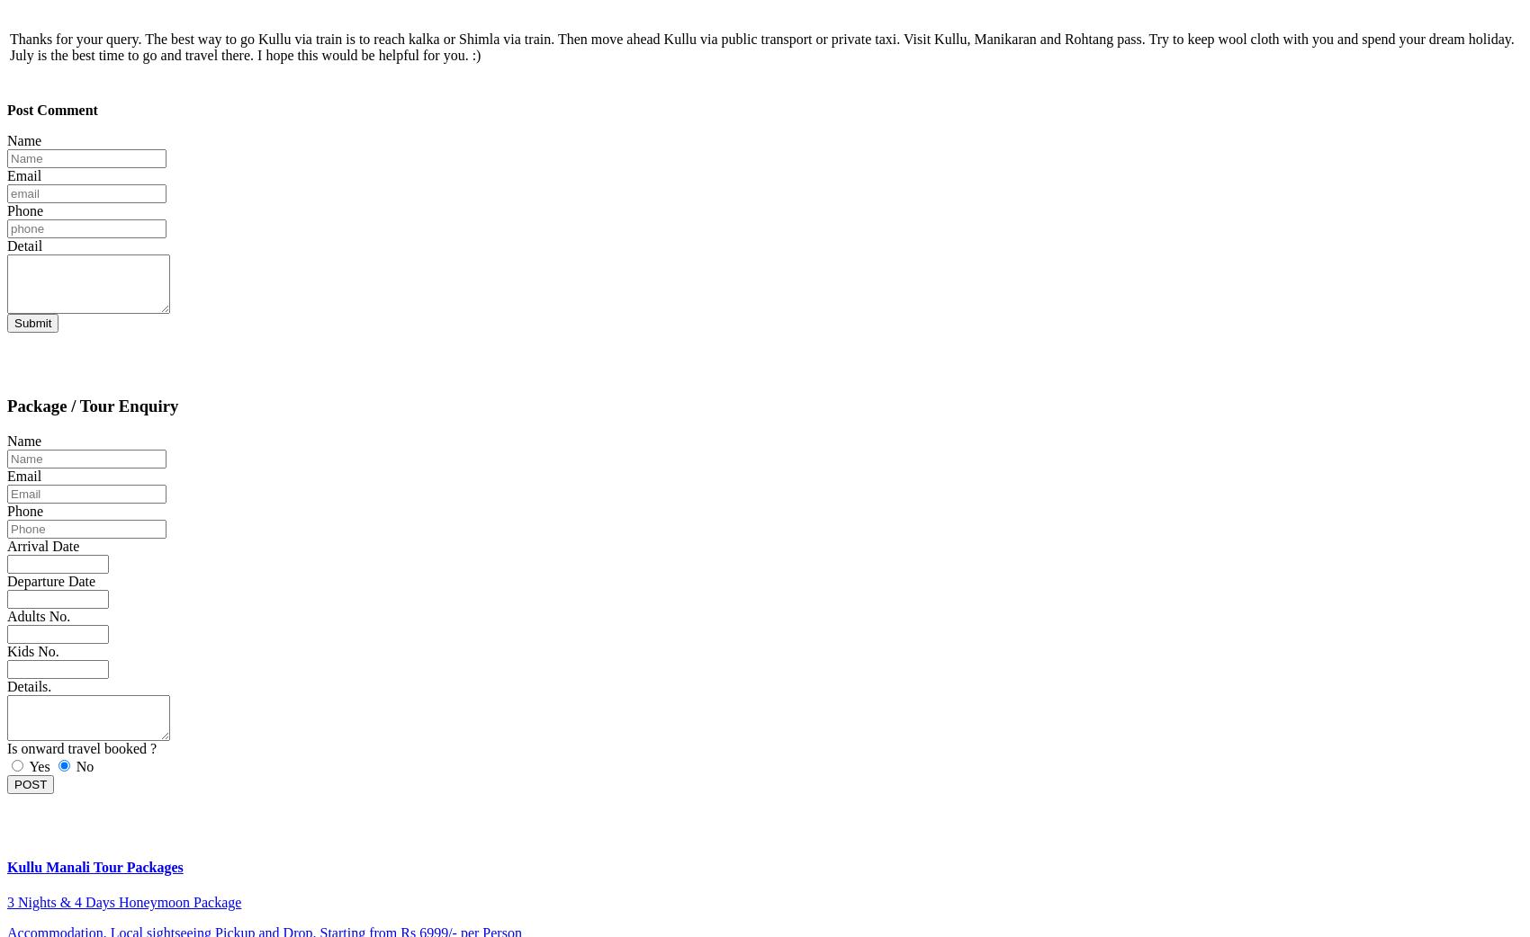 This screenshot has height=937, width=1530. What do you see at coordinates (29, 684) in the screenshot?
I see `'Details.'` at bounding box center [29, 684].